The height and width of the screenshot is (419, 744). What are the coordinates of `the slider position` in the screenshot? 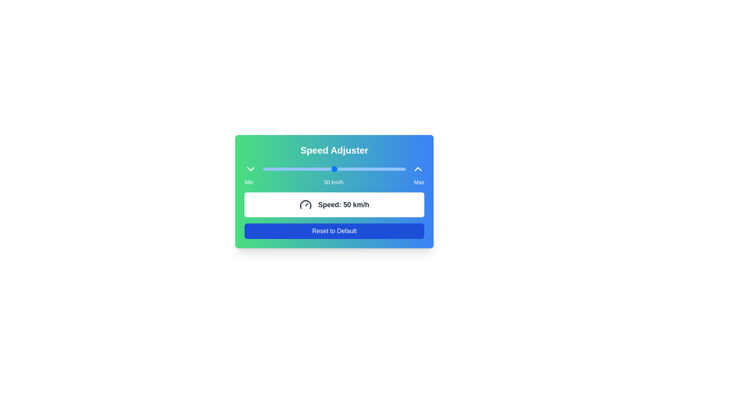 It's located at (323, 168).